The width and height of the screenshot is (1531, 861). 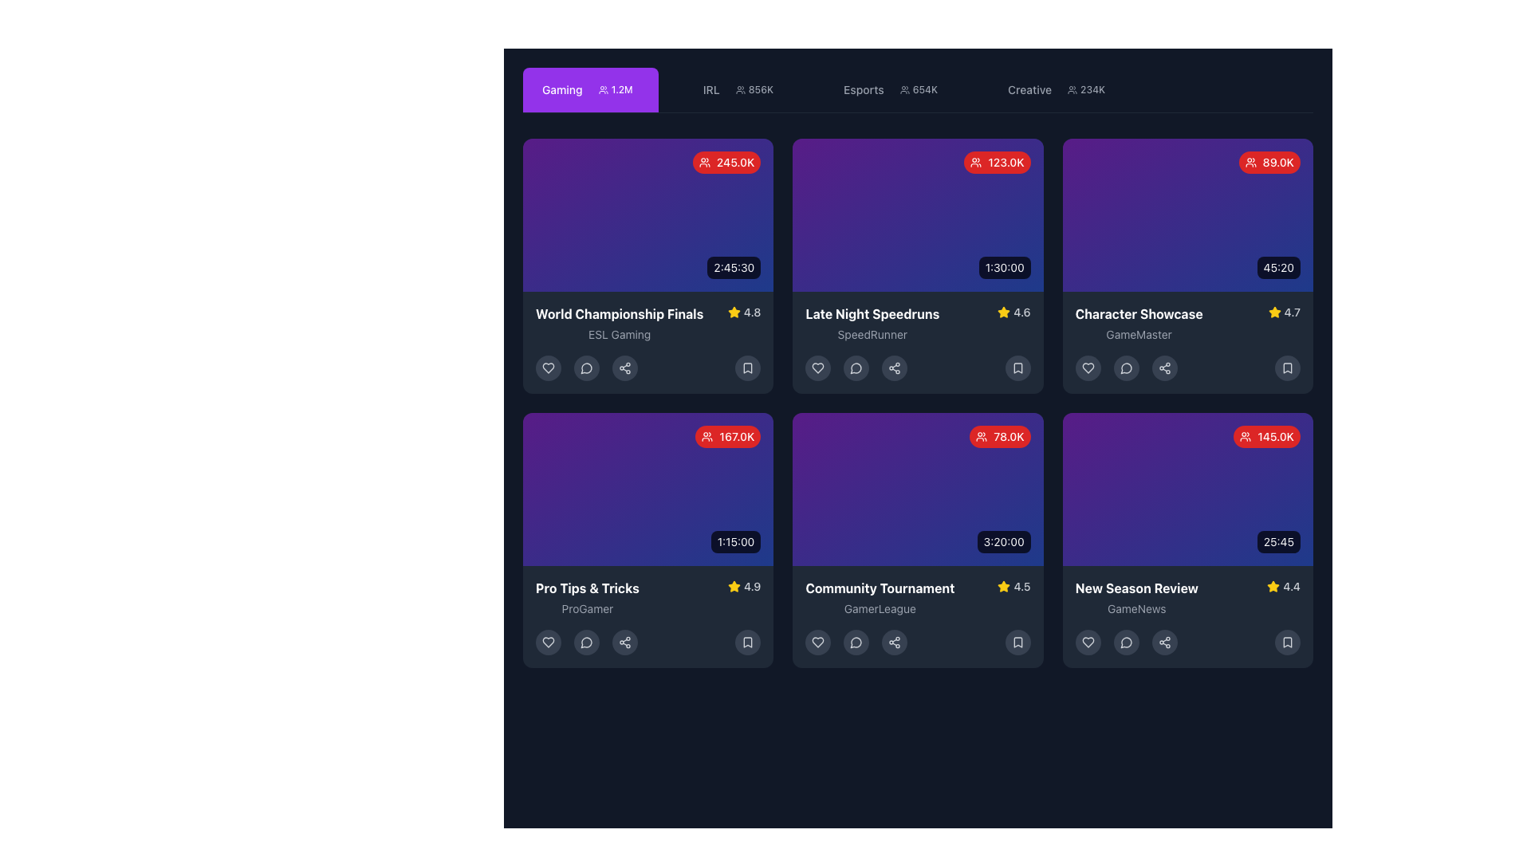 I want to click on the rating icon of the gaming content card titled 'Pro Tips & Tricks' by 'ProGamer', located in the bottom left quadrant of the layout, so click(x=648, y=597).